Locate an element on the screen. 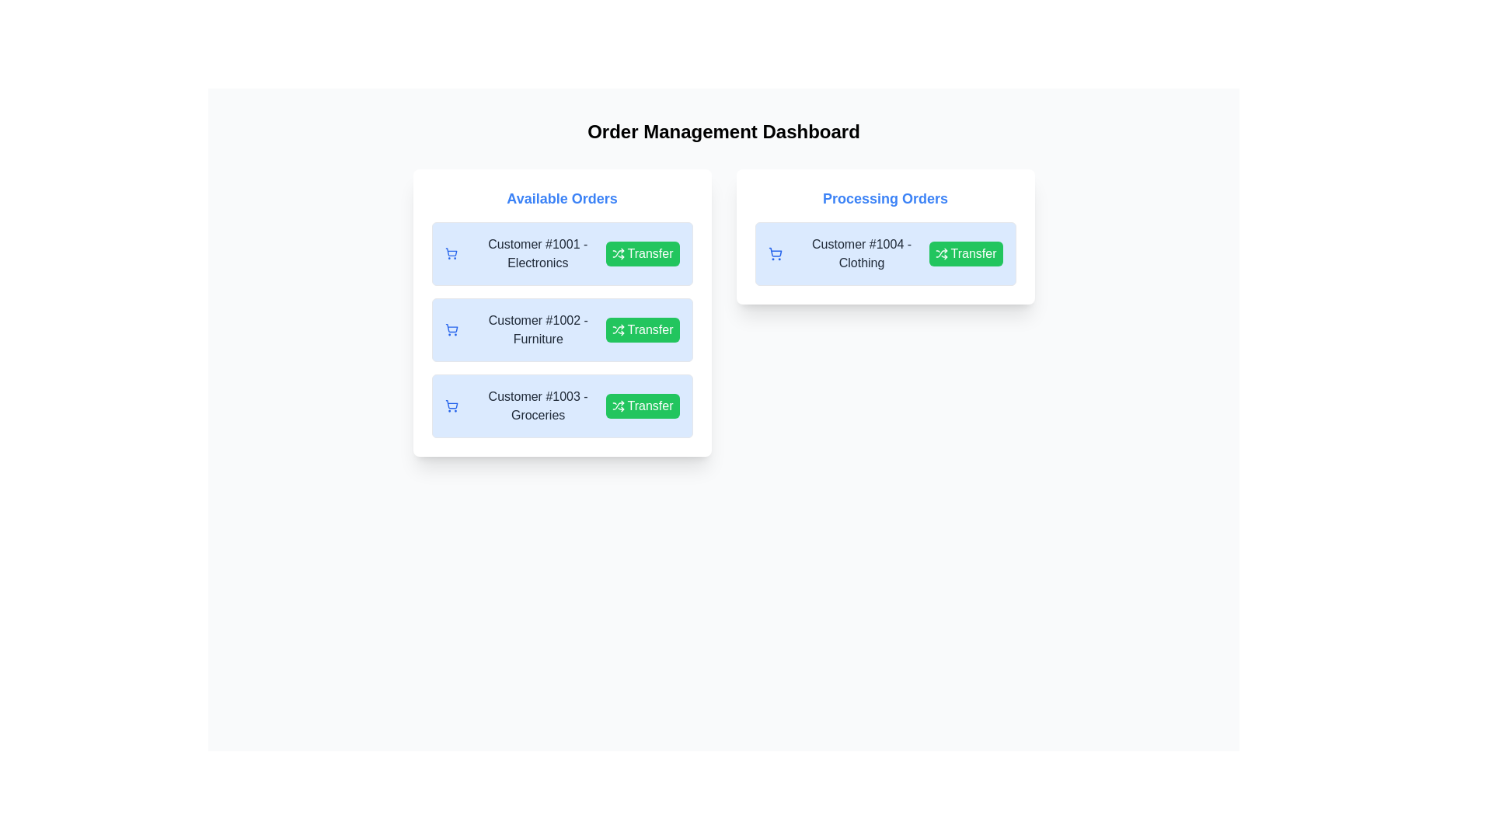 This screenshot has height=839, width=1492. the text label representing 'Customer #1003 - Groceries' in the 'Available Orders' section, which is the third item in the list is located at coordinates (538, 406).